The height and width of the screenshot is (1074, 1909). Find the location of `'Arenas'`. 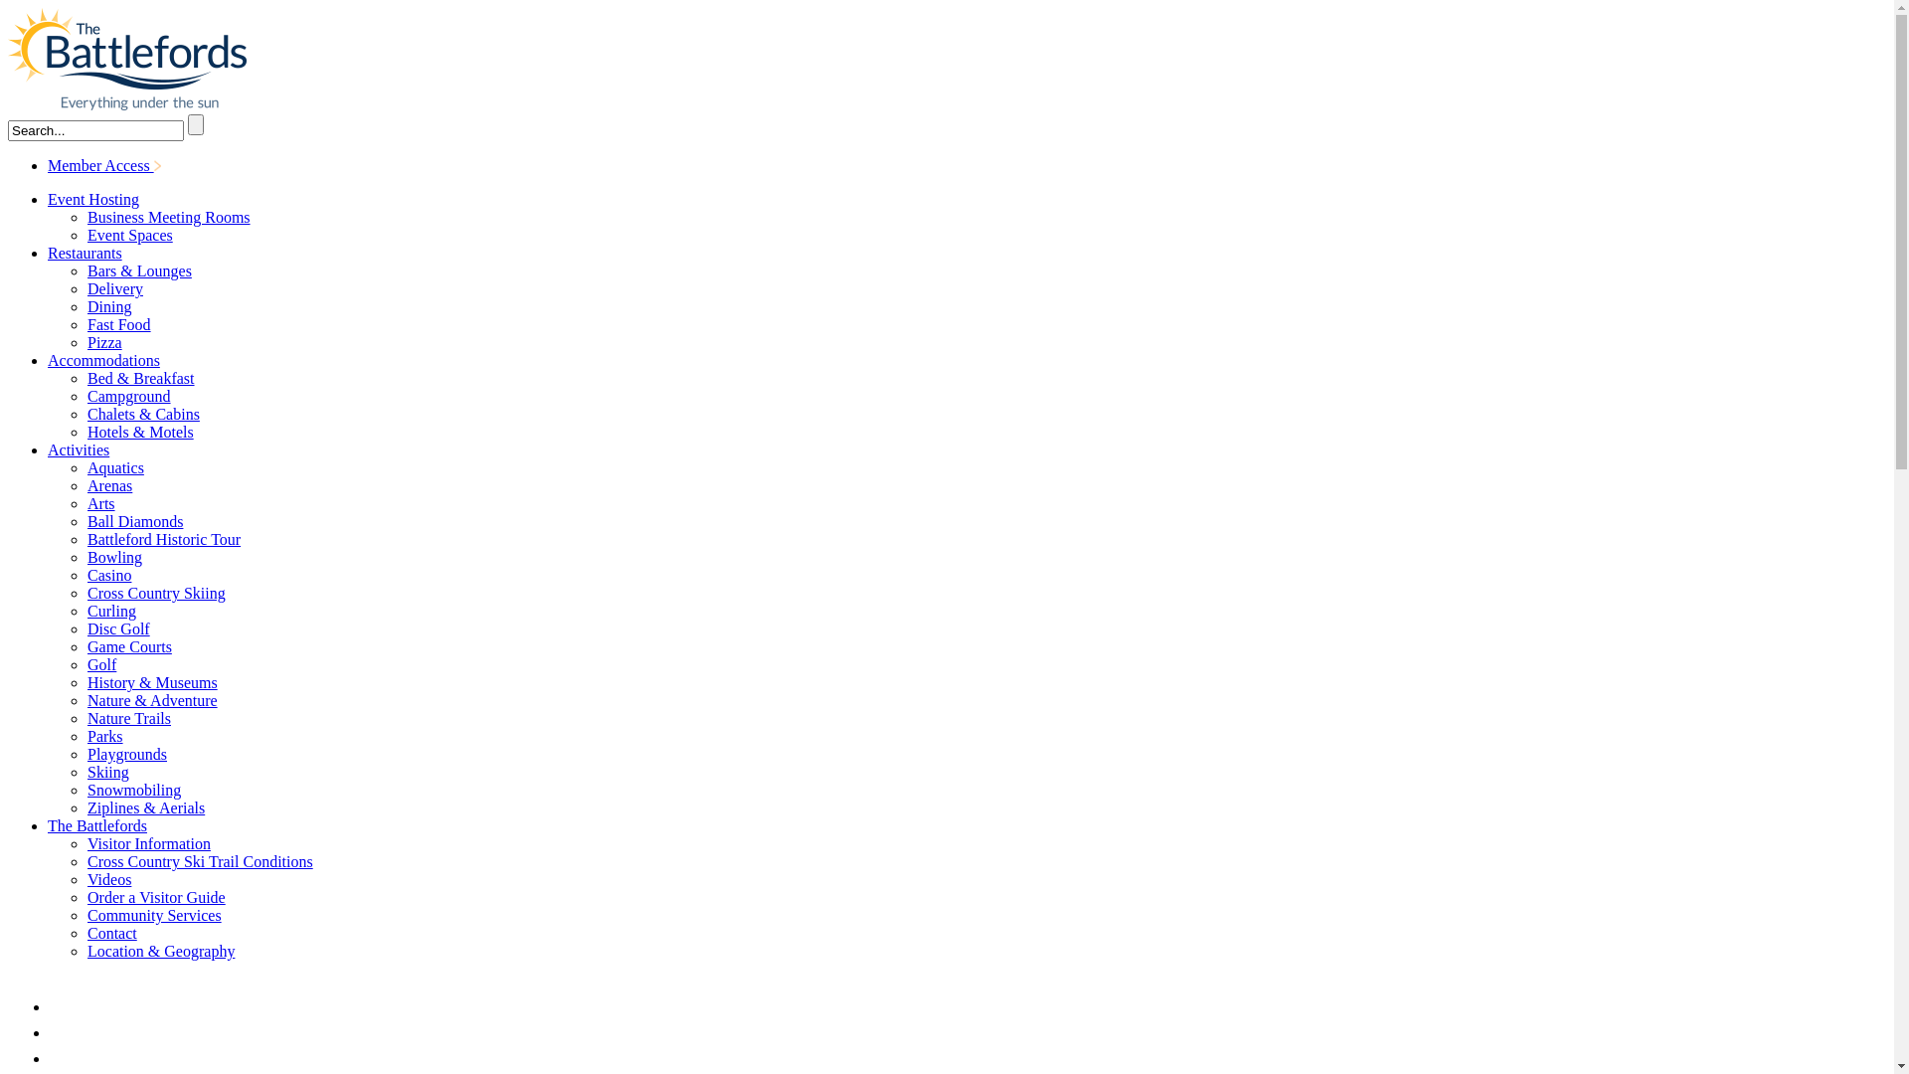

'Arenas' is located at coordinates (108, 485).